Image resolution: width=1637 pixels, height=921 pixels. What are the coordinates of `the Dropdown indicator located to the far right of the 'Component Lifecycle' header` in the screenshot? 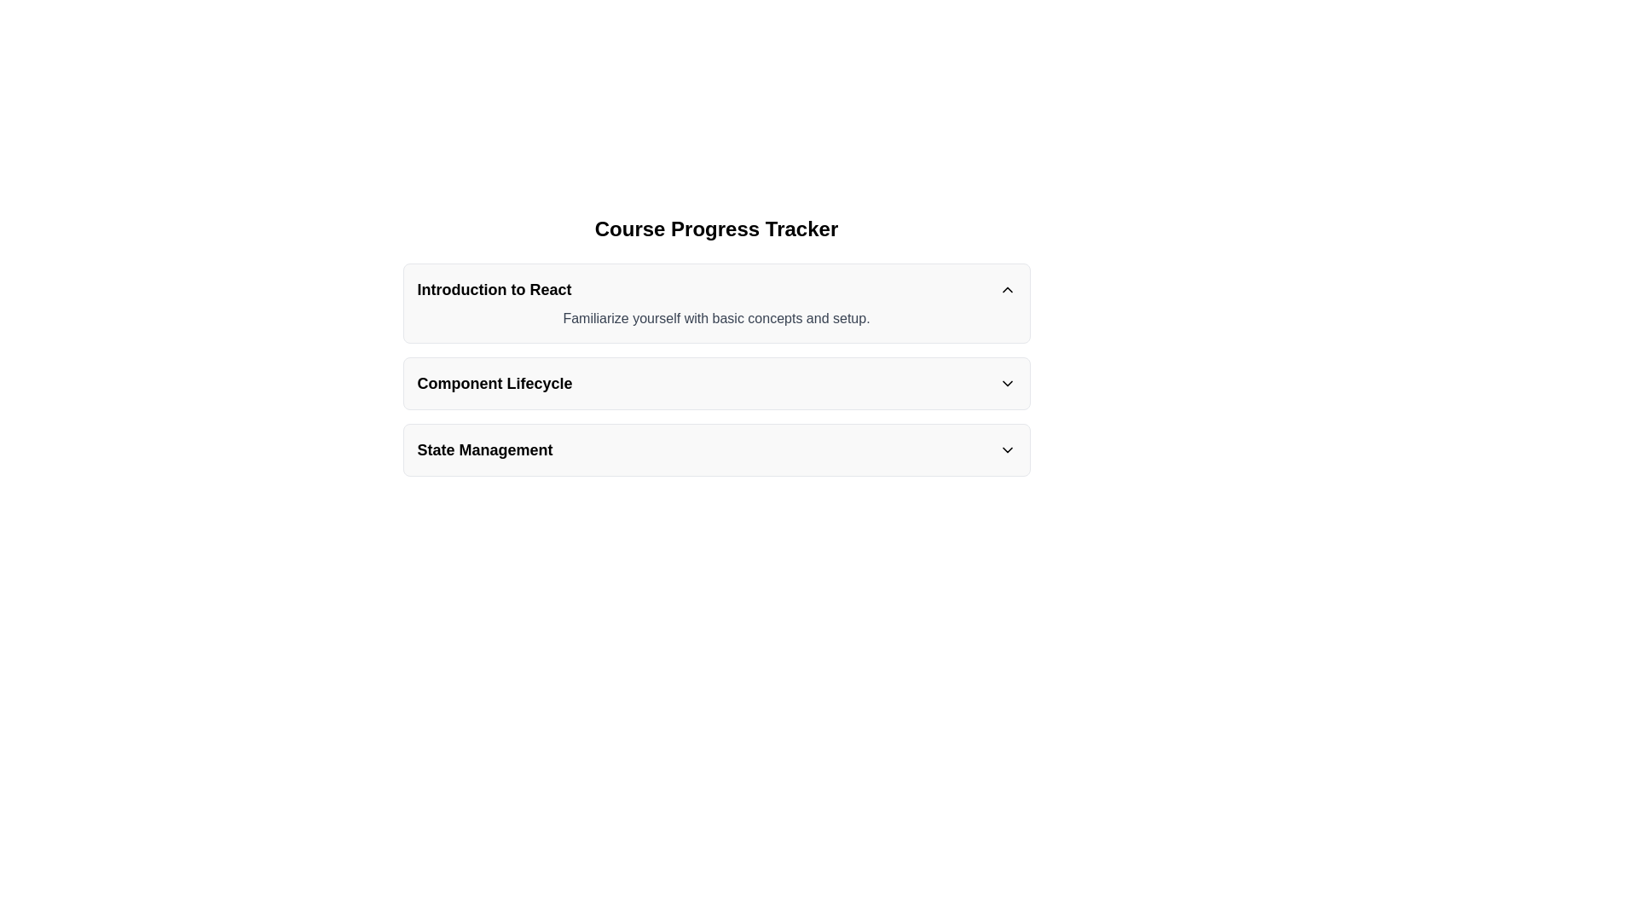 It's located at (1007, 384).